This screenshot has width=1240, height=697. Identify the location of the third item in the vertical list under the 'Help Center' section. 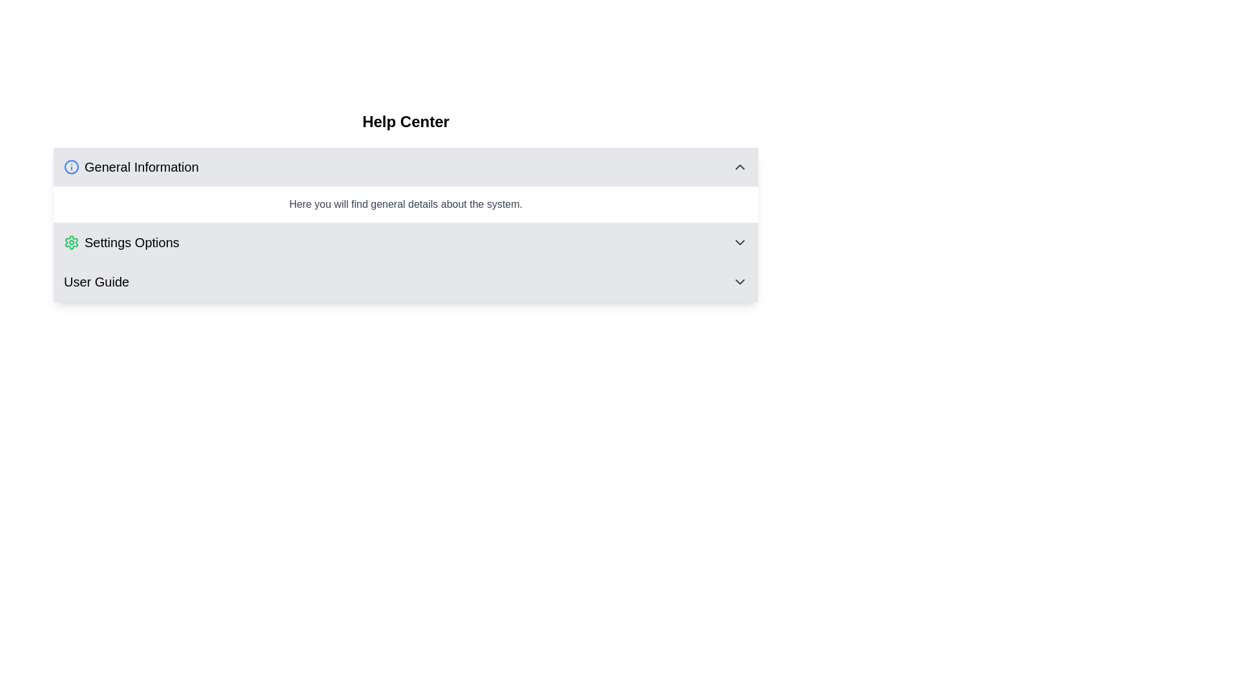
(405, 281).